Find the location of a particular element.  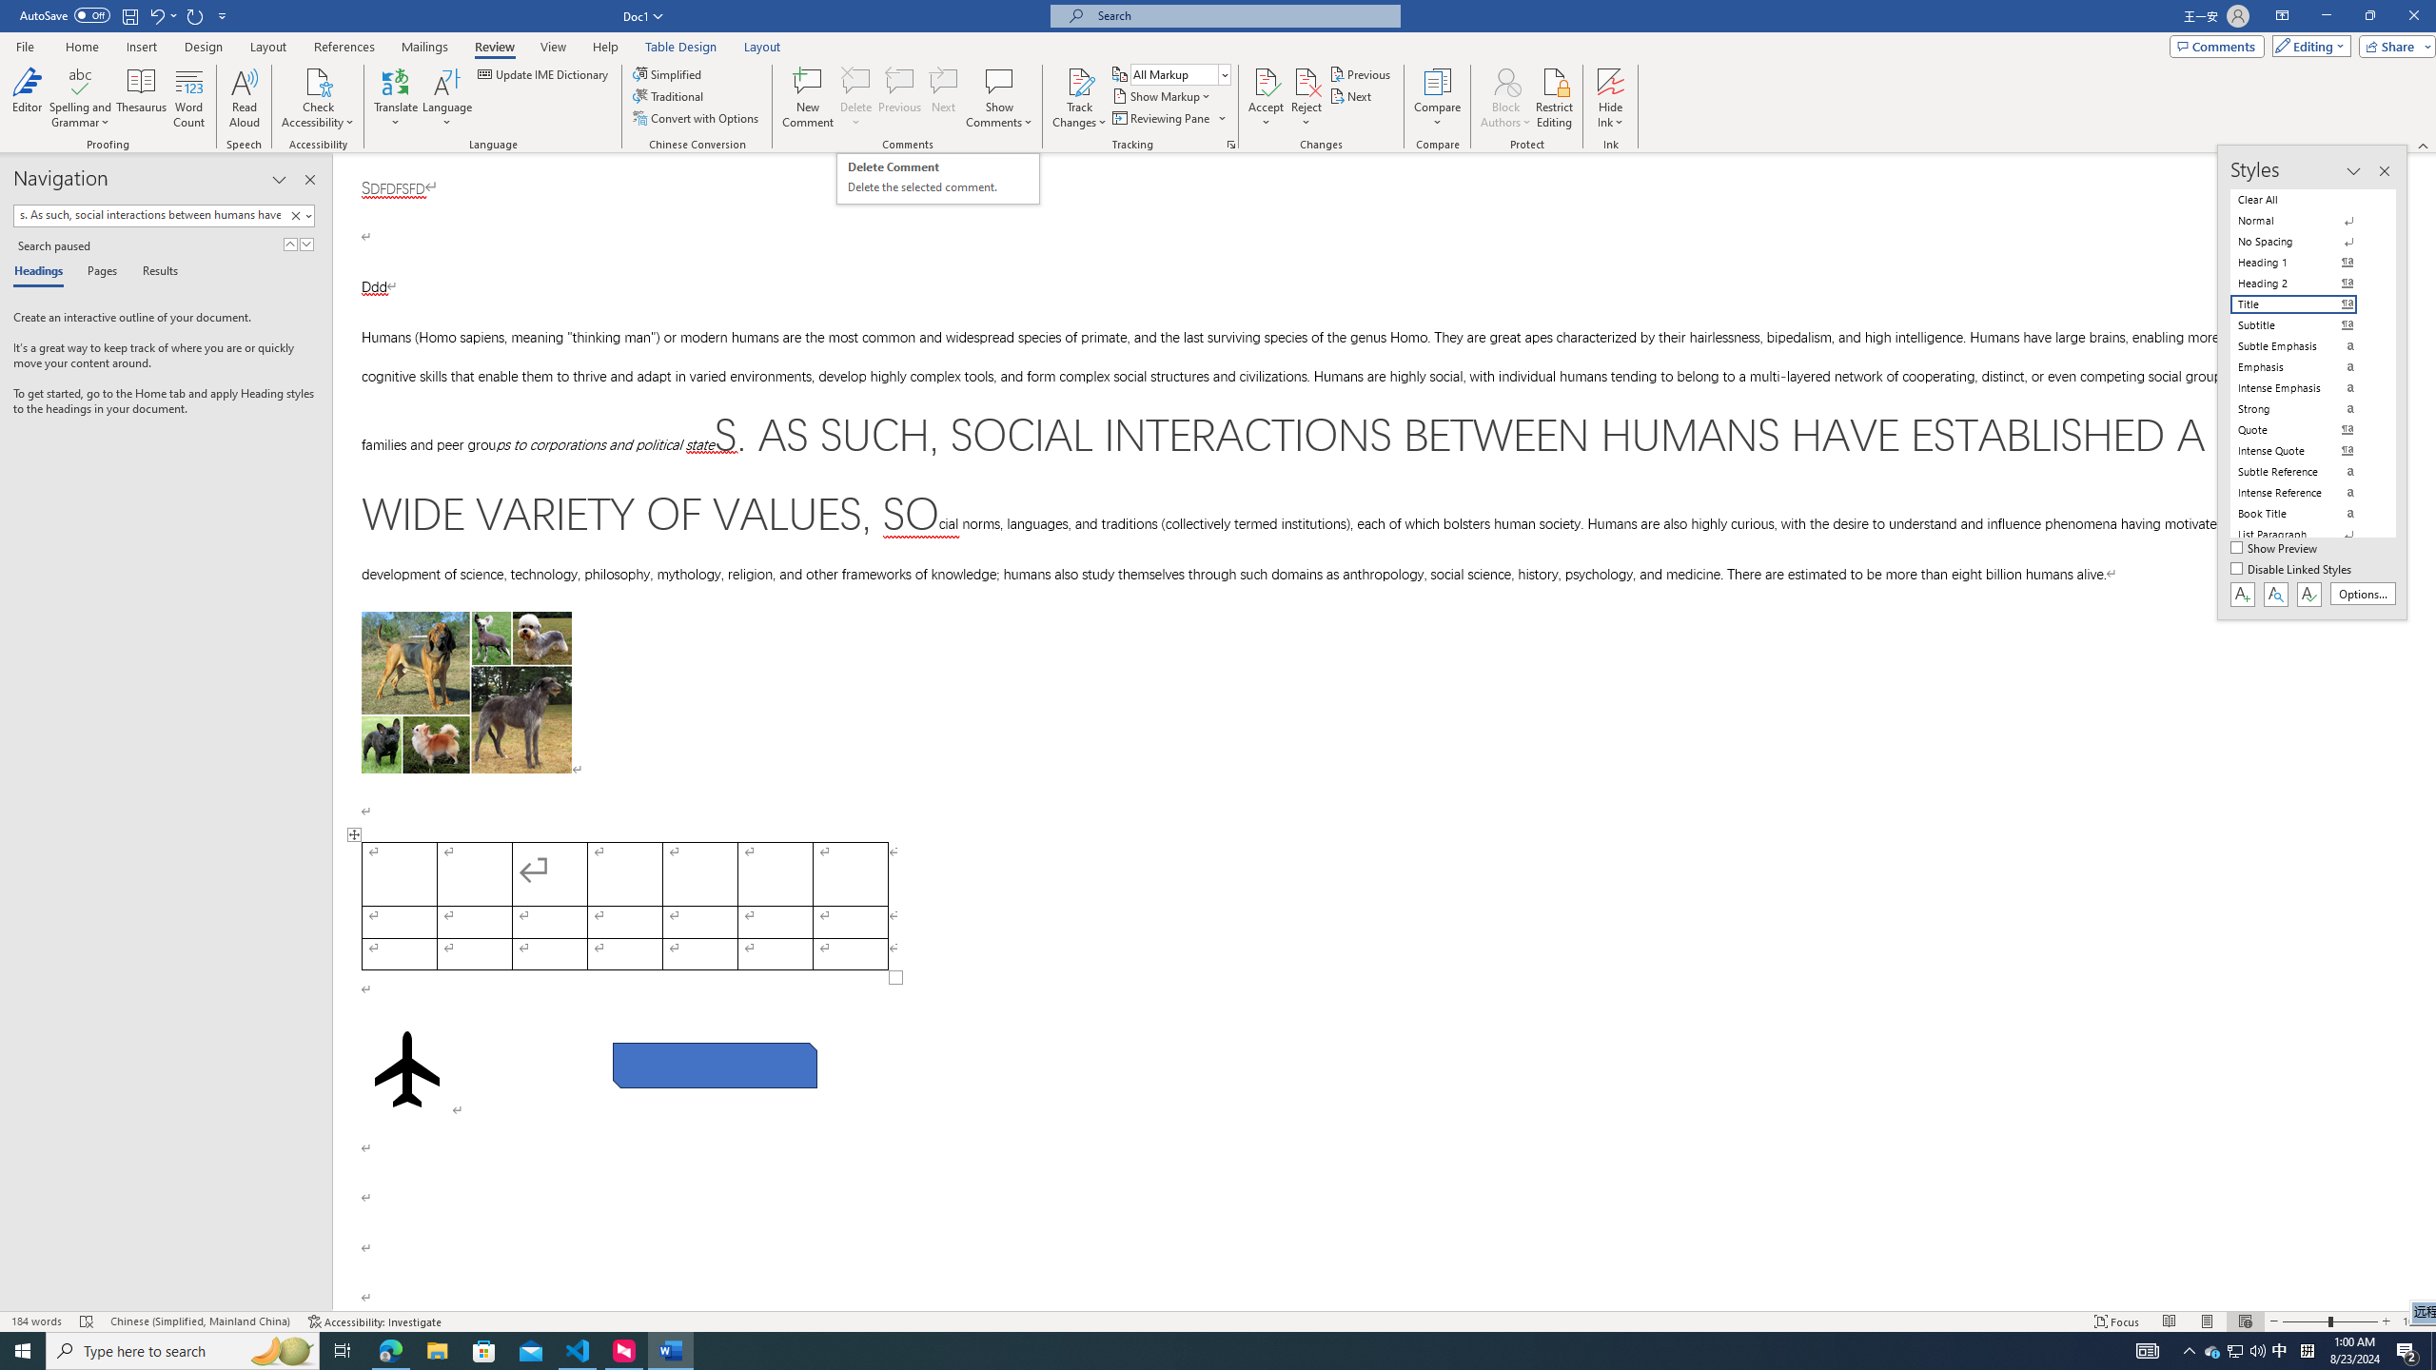

'Intense Emphasis' is located at coordinates (2305, 387).